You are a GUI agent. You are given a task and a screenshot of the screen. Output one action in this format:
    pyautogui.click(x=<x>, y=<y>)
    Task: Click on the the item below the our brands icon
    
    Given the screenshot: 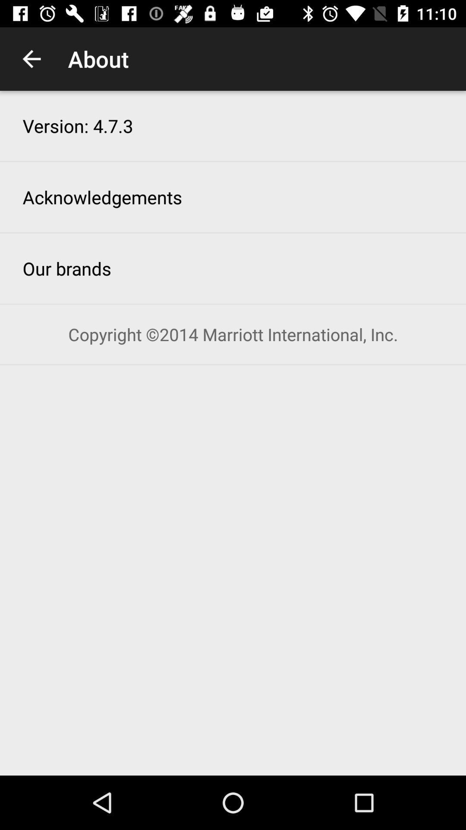 What is the action you would take?
    pyautogui.click(x=233, y=334)
    